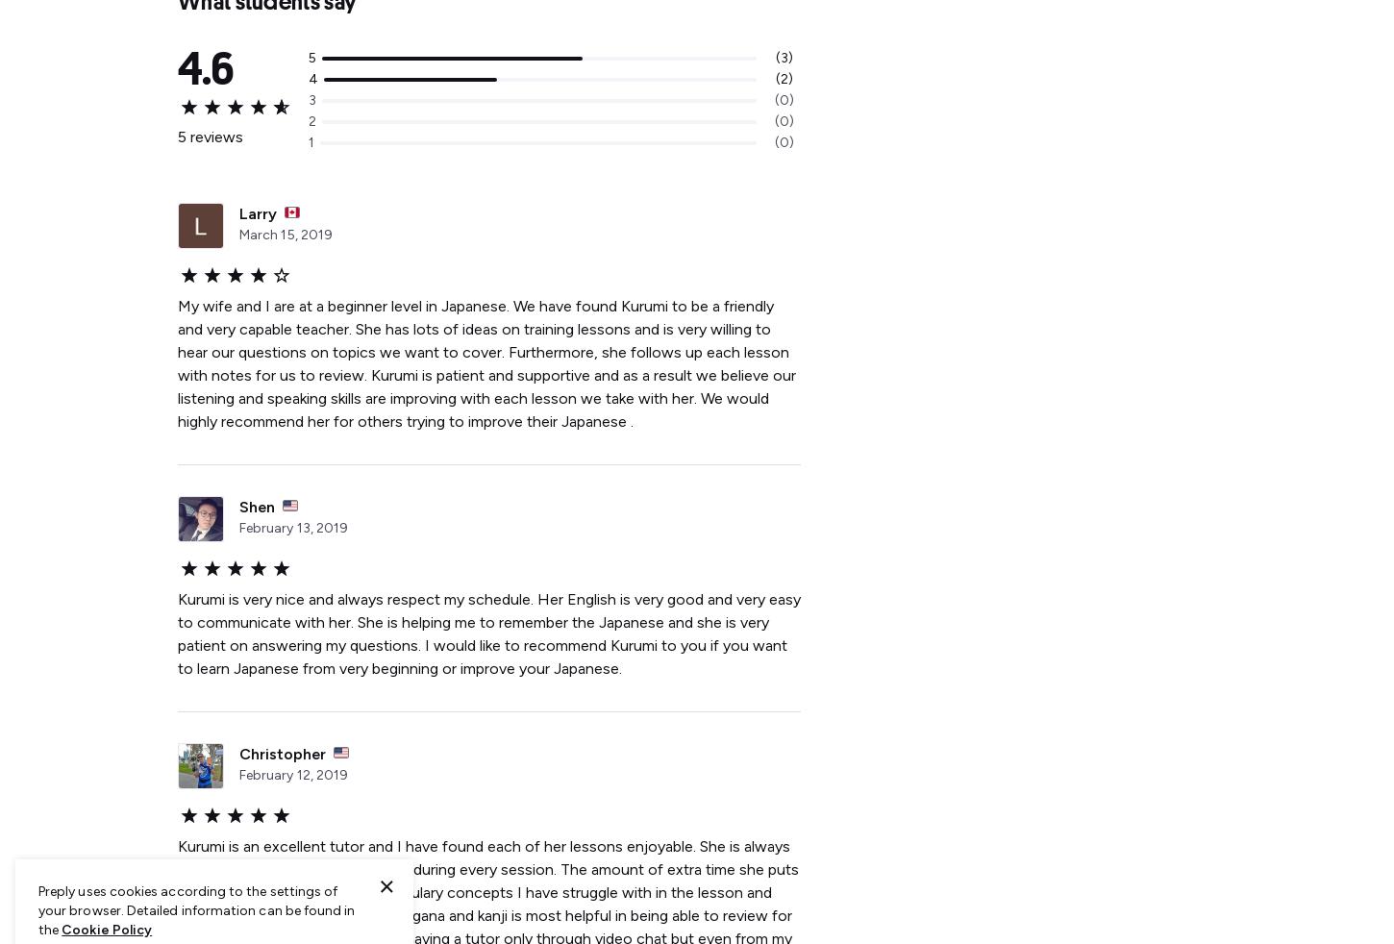 Image resolution: width=1394 pixels, height=944 pixels. What do you see at coordinates (258, 212) in the screenshot?
I see `'Larry'` at bounding box center [258, 212].